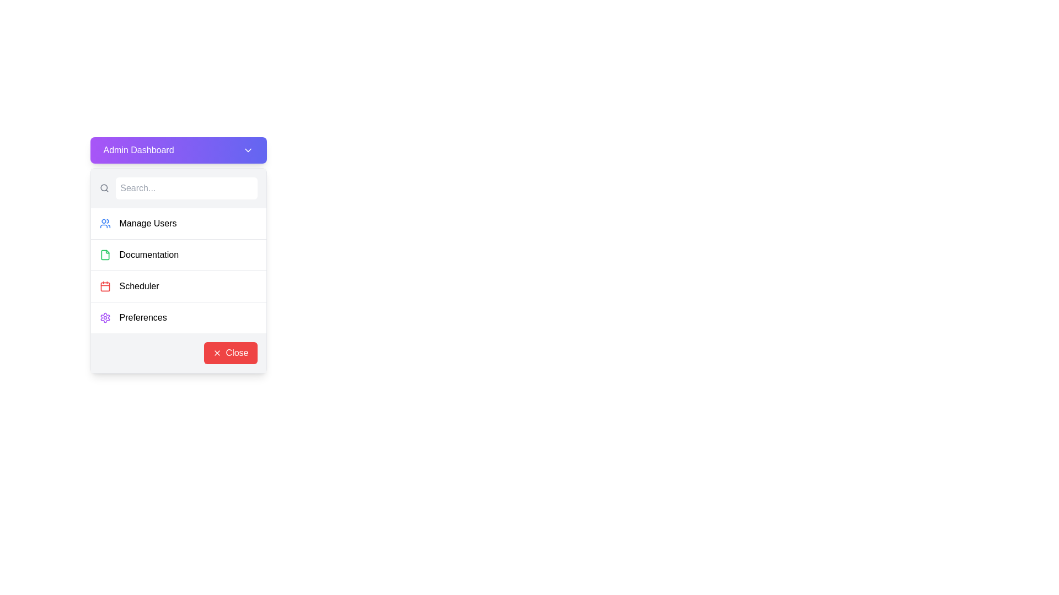 Image resolution: width=1059 pixels, height=595 pixels. I want to click on the blue group of people icon located at the start of the 'Manage Users' option in the vertical menu under the 'Admin Dashboard' header, so click(105, 223).